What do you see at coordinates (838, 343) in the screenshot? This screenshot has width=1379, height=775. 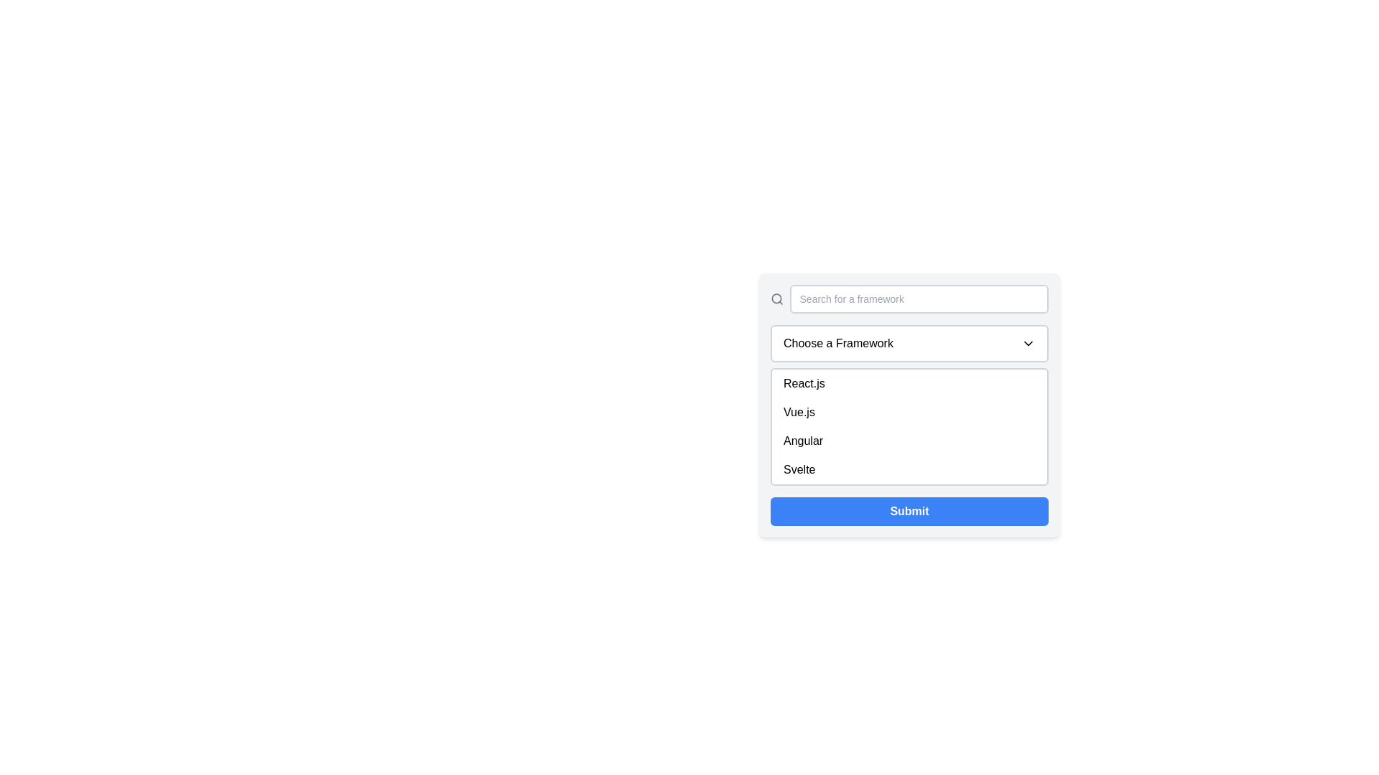 I see `the text label that reads 'Choose a Framework' located inside a dropdown component, which has a border and rounded edges, positioned slightly to the left of the dropdown arrow icon` at bounding box center [838, 343].